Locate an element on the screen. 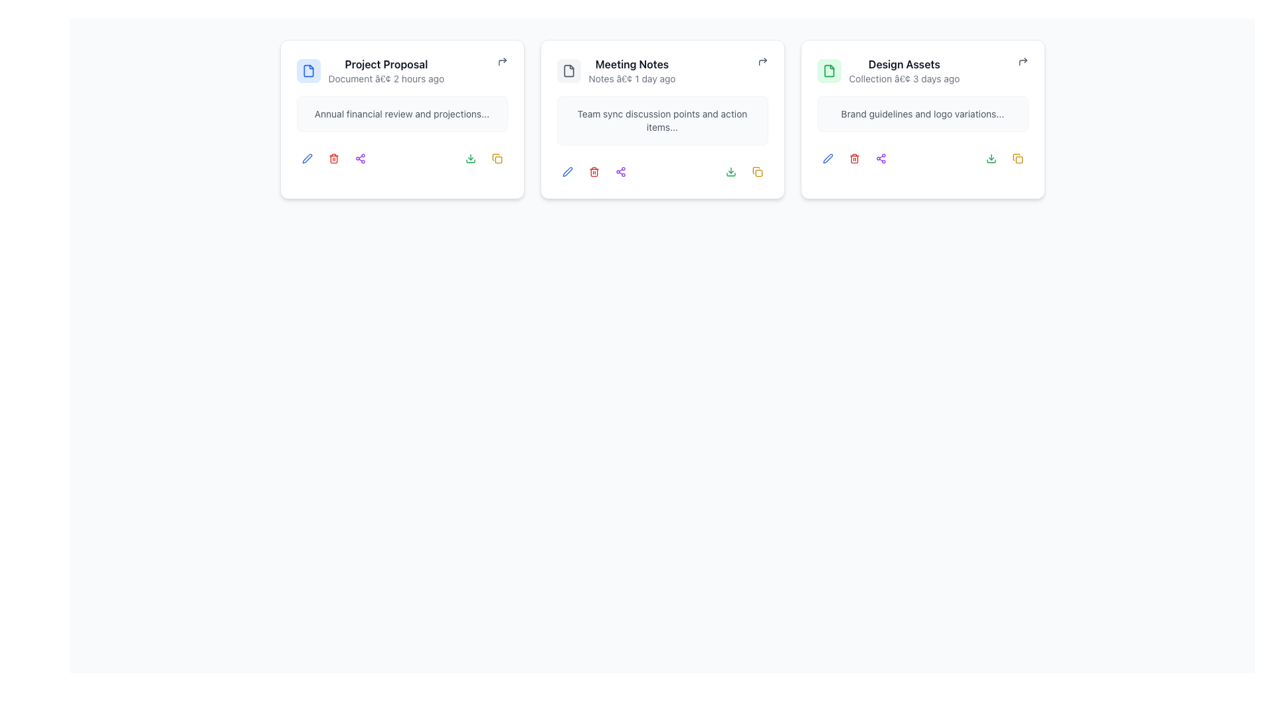 This screenshot has height=717, width=1275. text of the title label located in the second card of three horizontally arranged cards, positioned above the secondary text 'Notes • 1 day ago' is located at coordinates (631, 64).